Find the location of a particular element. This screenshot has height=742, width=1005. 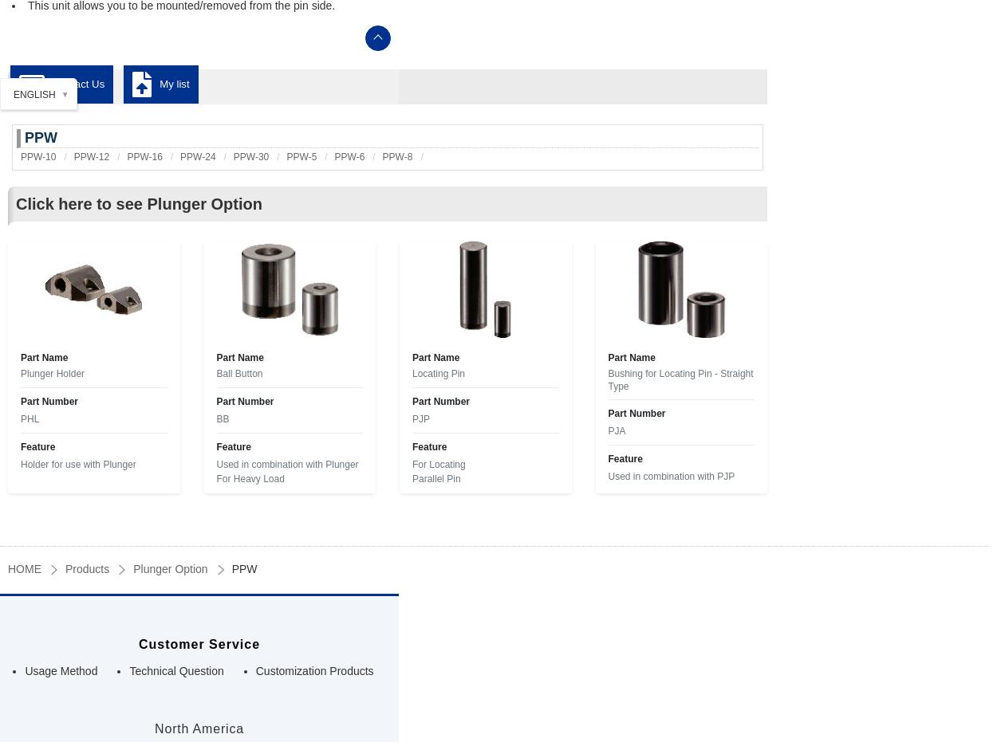

'Customer Service' is located at coordinates (199, 642).